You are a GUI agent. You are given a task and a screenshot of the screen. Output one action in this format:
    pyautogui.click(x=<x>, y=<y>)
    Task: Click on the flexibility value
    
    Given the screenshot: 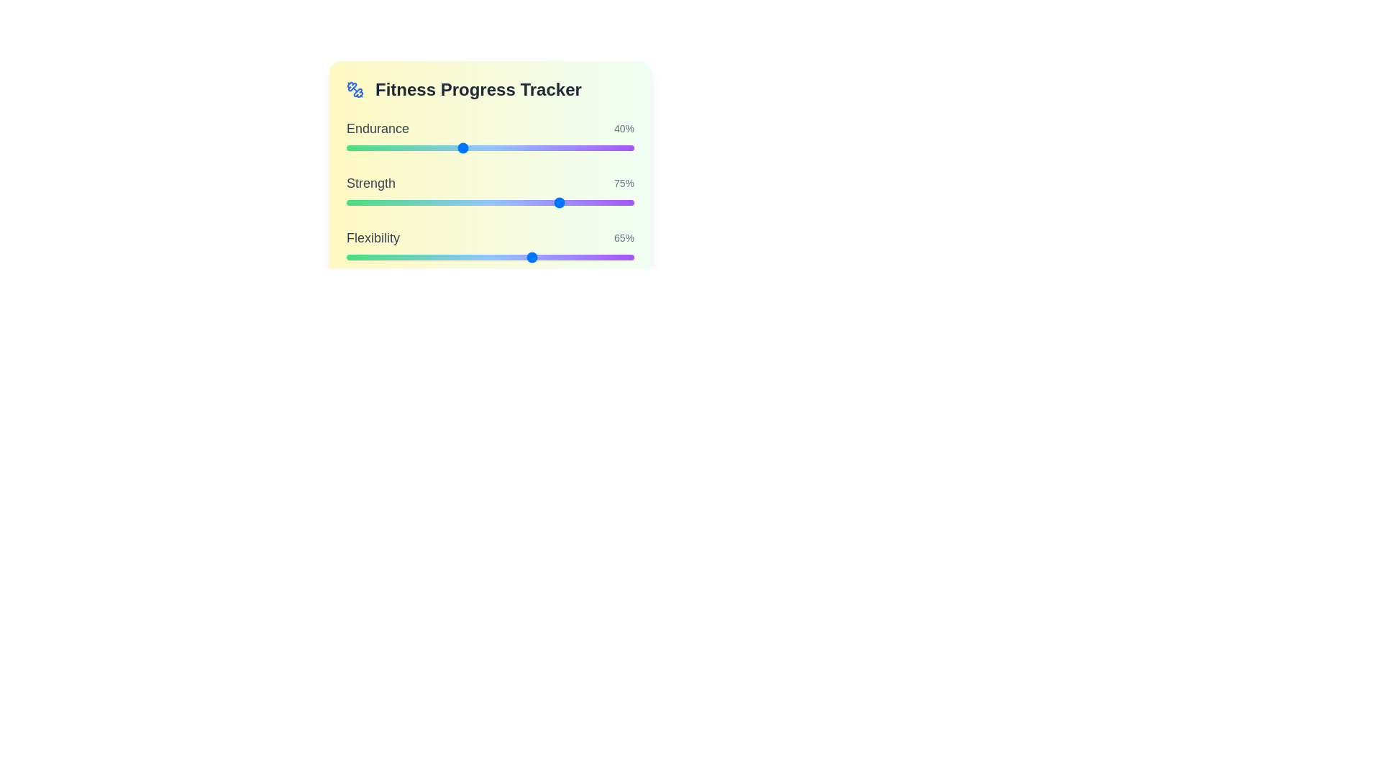 What is the action you would take?
    pyautogui.click(x=429, y=257)
    